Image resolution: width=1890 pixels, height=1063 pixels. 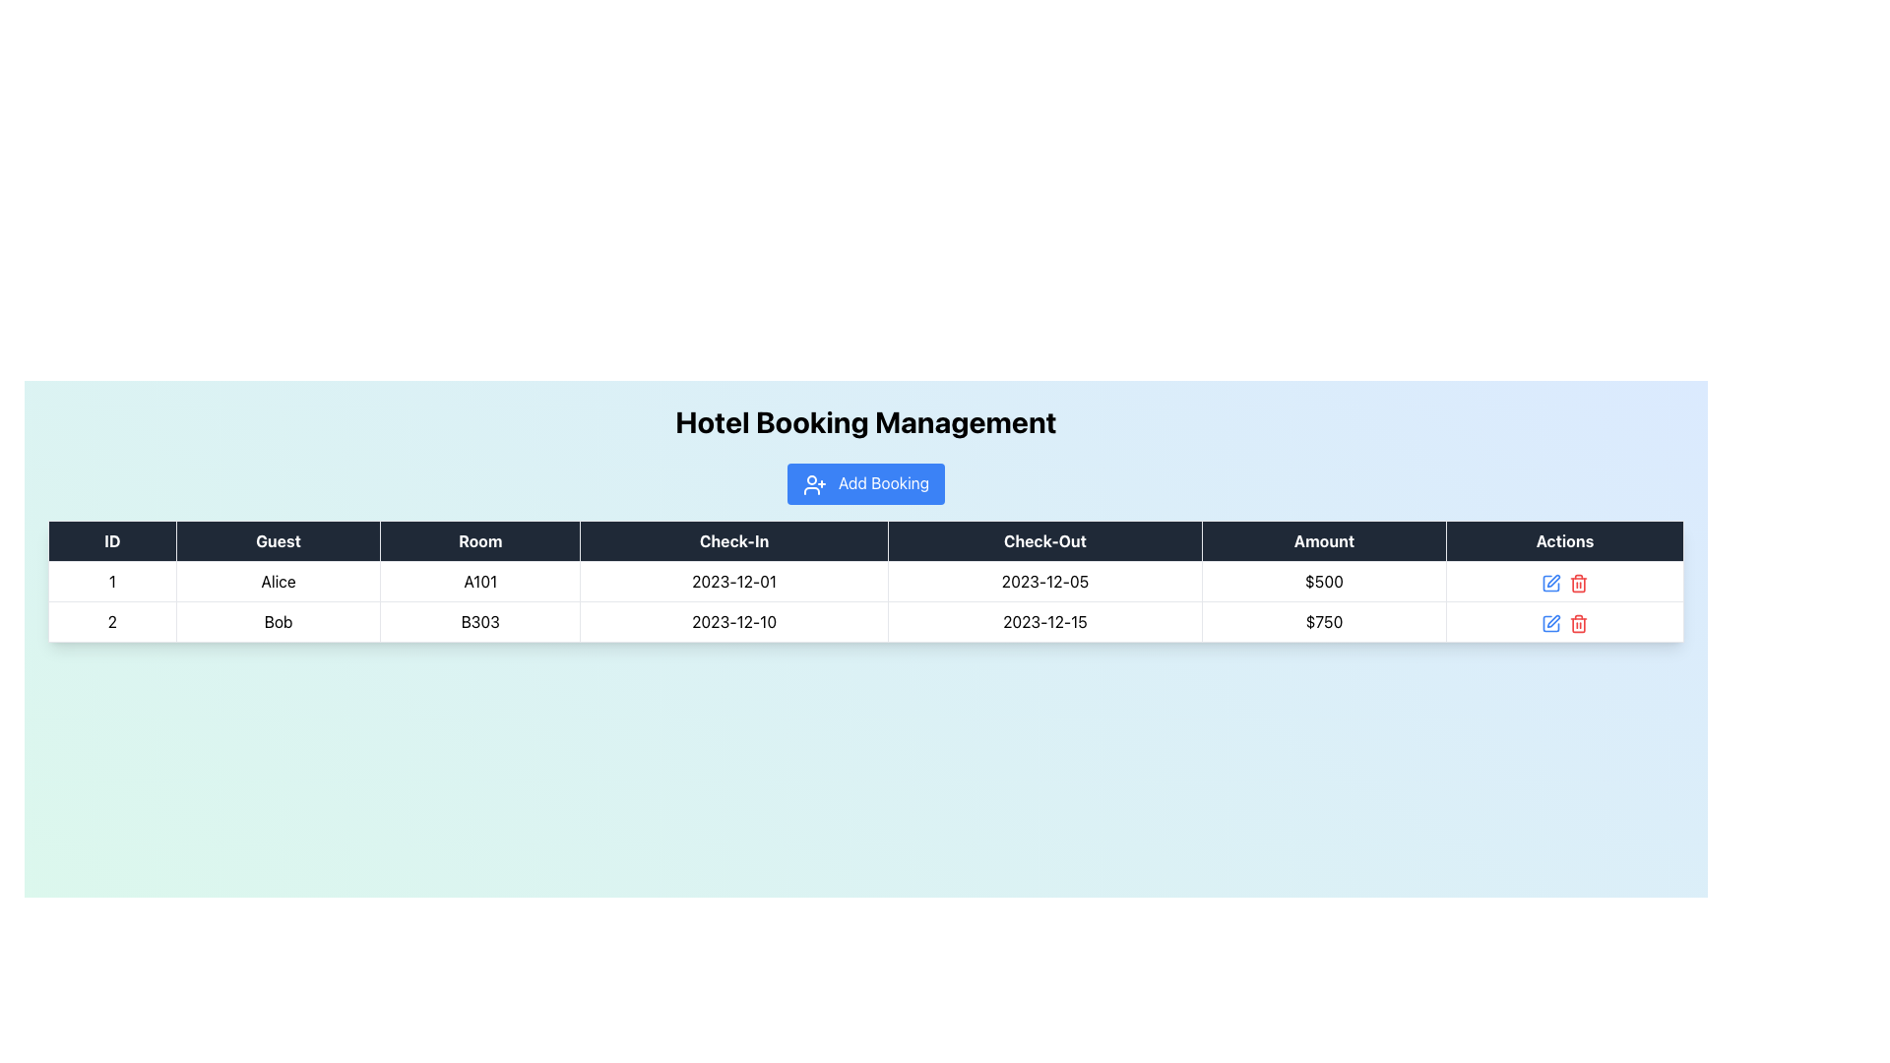 What do you see at coordinates (278, 580) in the screenshot?
I see `text 'Alice' from the Table Cell in the second column of the first row in the Hotel Booking Management section` at bounding box center [278, 580].